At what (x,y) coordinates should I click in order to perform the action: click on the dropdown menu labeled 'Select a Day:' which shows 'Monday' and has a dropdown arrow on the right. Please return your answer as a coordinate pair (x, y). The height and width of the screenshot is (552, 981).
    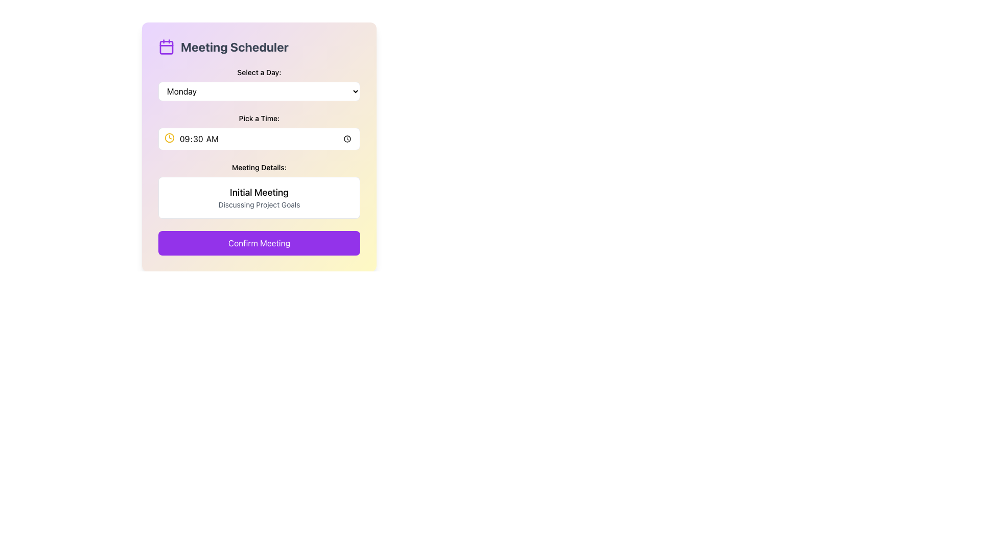
    Looking at the image, I should click on (259, 90).